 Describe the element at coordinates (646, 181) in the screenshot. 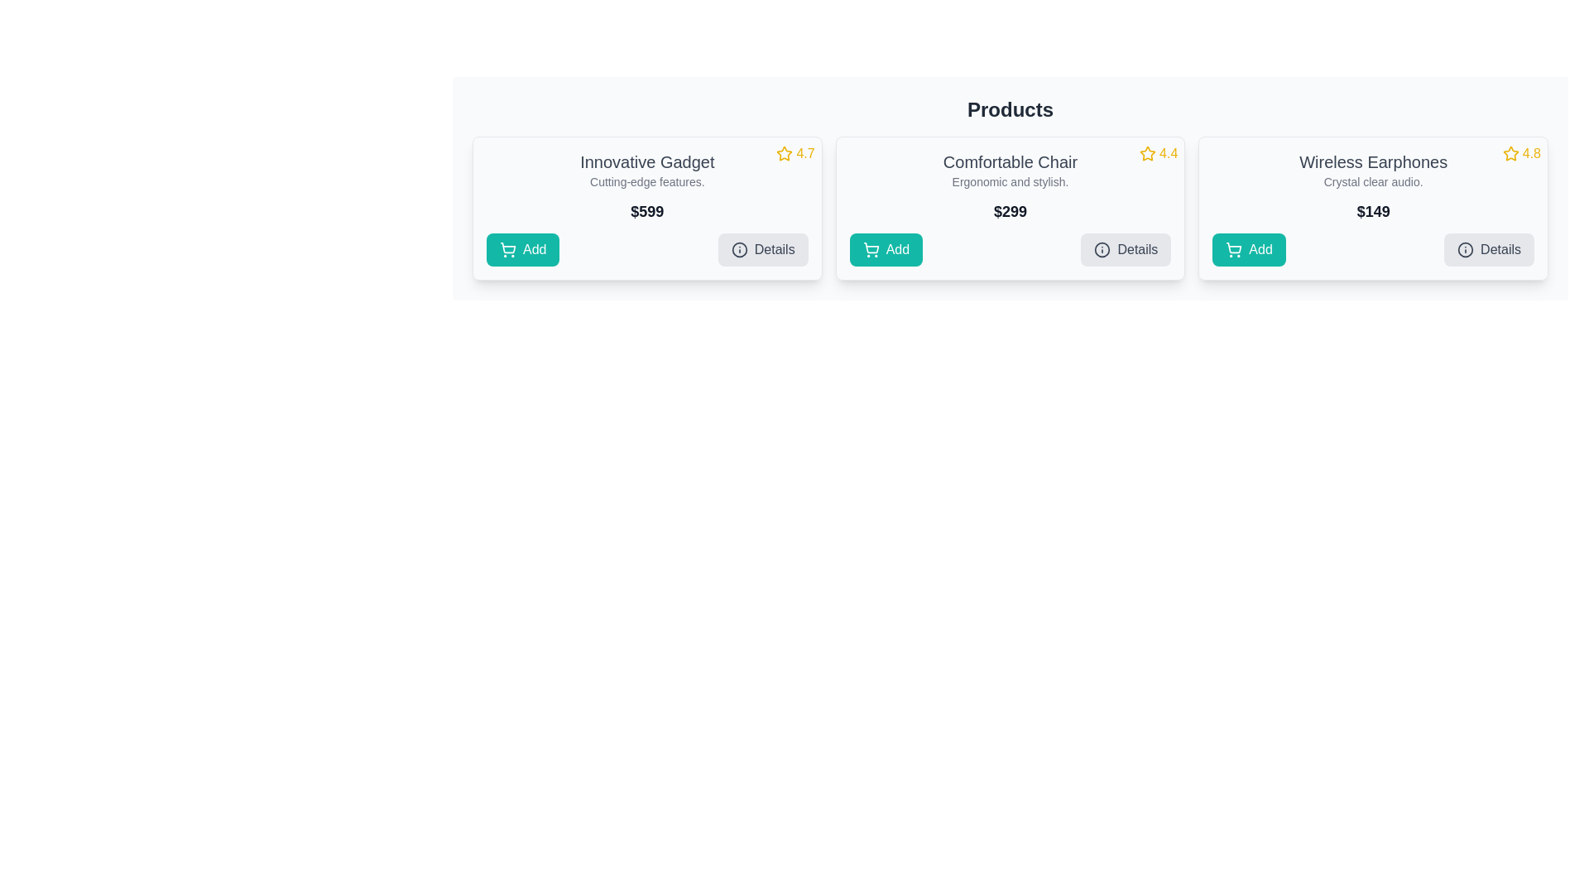

I see `the text label that provides additional context for the product titled 'Innovative Gadget', located below the header and above the price label '$599'` at that location.